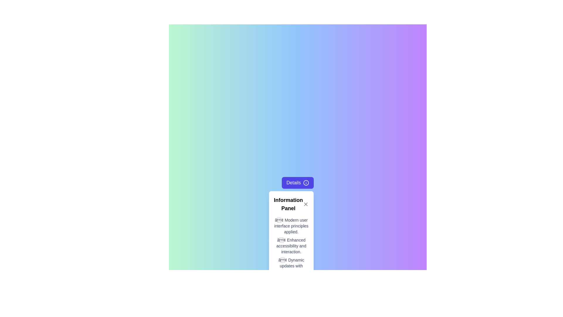 The width and height of the screenshot is (563, 317). What do you see at coordinates (306, 183) in the screenshot?
I see `the 'Details' button, which is accompanied by an icon to its right, serving as a visual identifier for additional information` at bounding box center [306, 183].